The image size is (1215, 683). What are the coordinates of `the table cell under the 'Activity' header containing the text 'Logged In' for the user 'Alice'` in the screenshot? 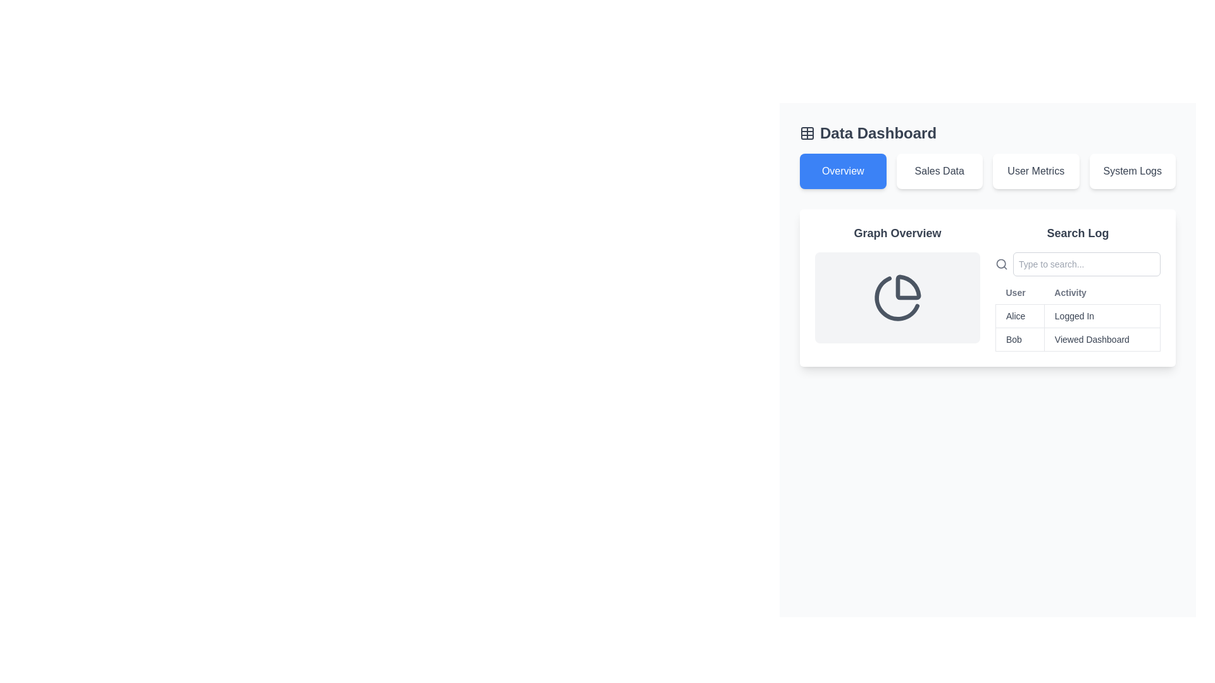 It's located at (1077, 316).